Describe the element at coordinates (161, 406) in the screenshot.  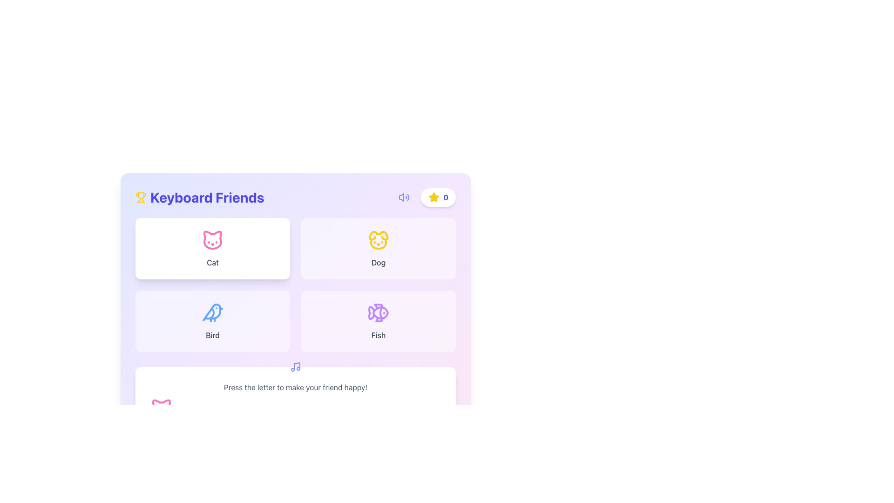
I see `the leftmost cat-themed icon in the interactive grid, which is positioned above the label 'Cat' and features a pink background` at that location.